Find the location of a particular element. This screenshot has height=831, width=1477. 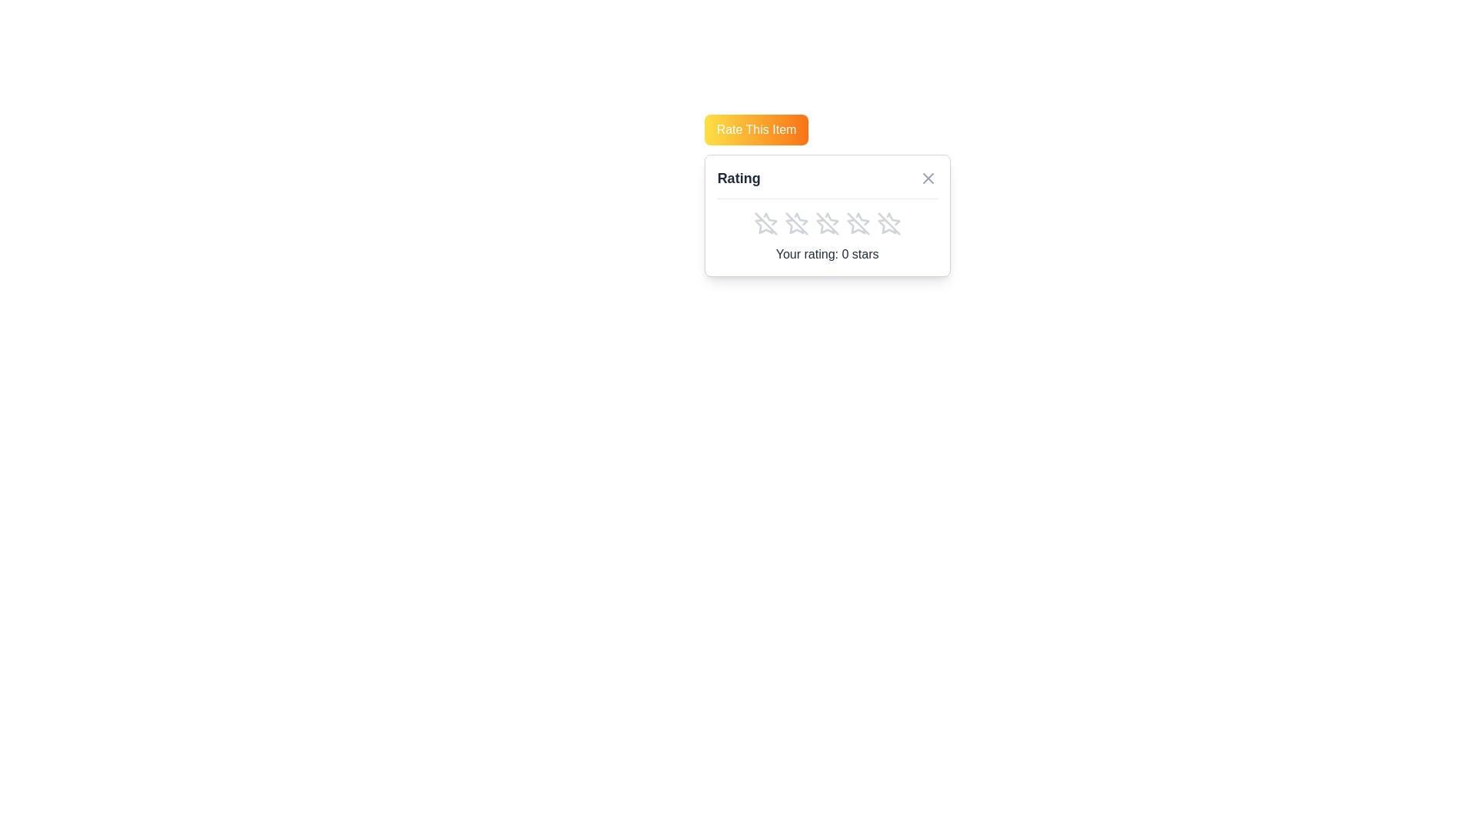

the star icon in the Rating Widget is located at coordinates (826, 215).